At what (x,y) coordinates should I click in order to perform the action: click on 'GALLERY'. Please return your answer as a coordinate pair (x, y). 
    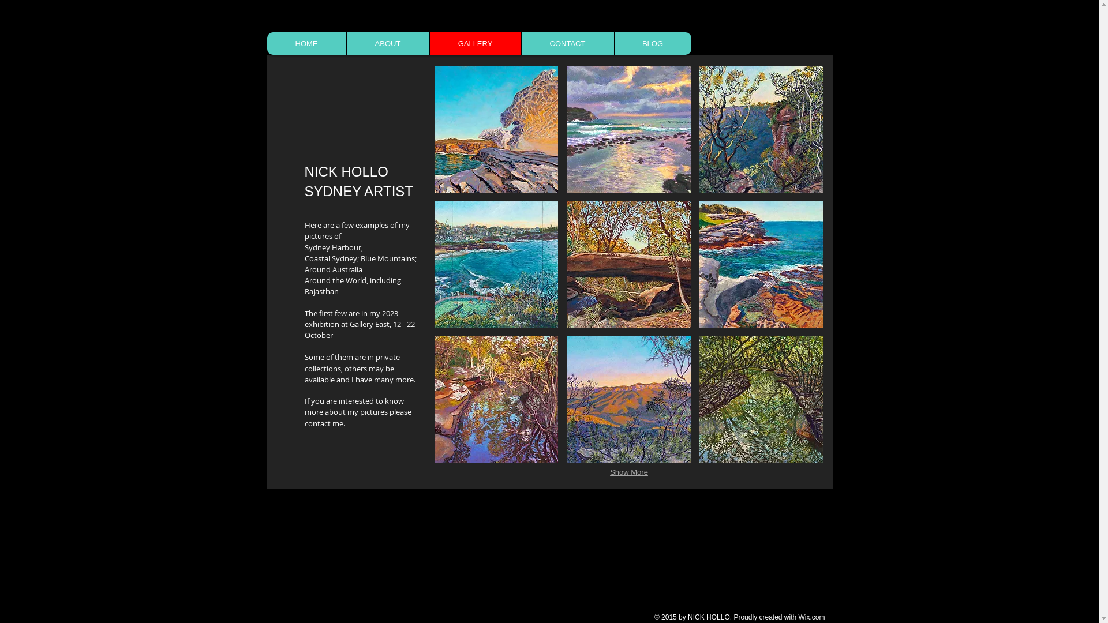
    Looking at the image, I should click on (475, 43).